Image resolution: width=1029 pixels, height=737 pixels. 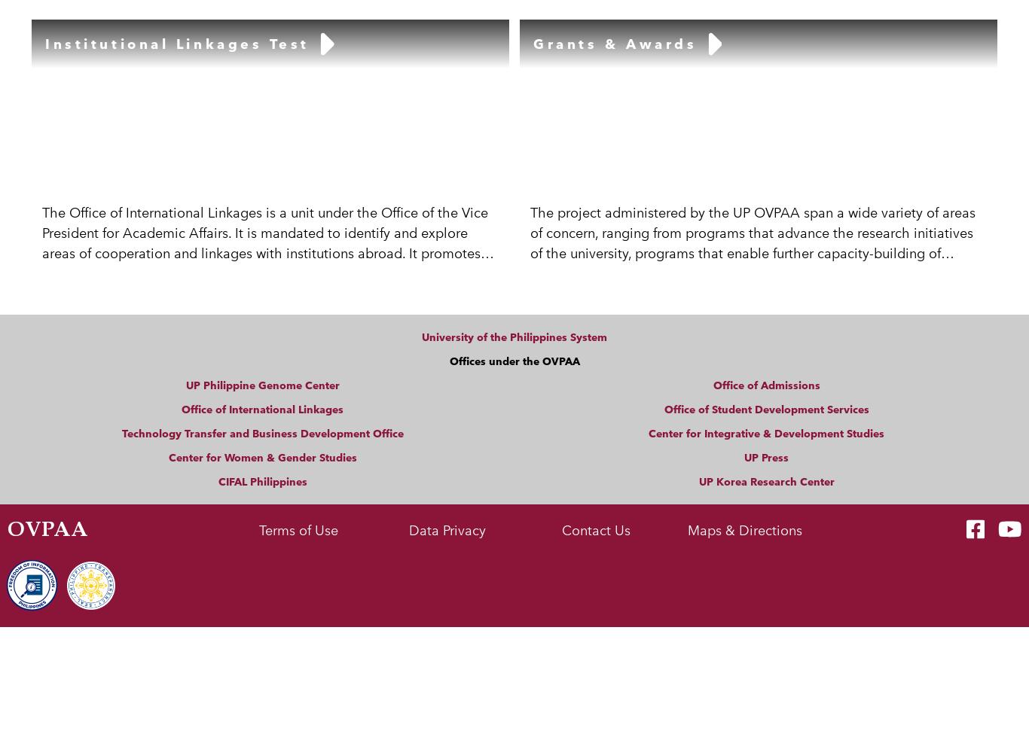 What do you see at coordinates (712, 384) in the screenshot?
I see `'Office of Admissions'` at bounding box center [712, 384].